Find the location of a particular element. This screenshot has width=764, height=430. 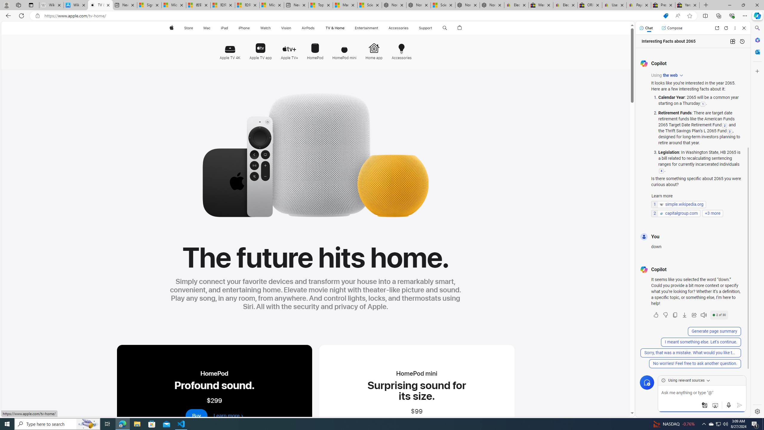

'Entertainment menu' is located at coordinates (379, 28).